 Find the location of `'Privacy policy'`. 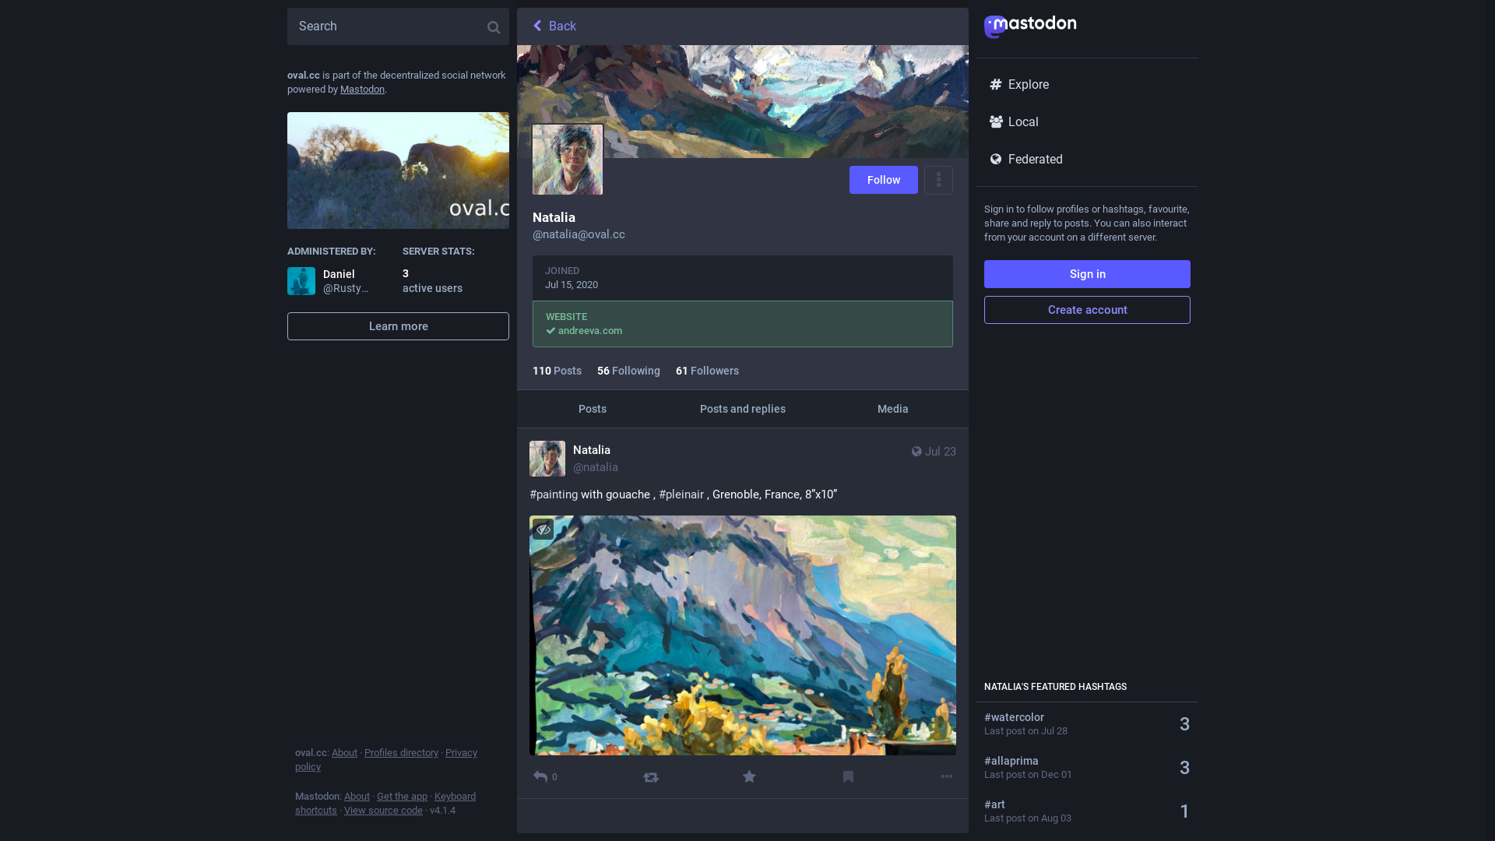

'Privacy policy' is located at coordinates (385, 758).